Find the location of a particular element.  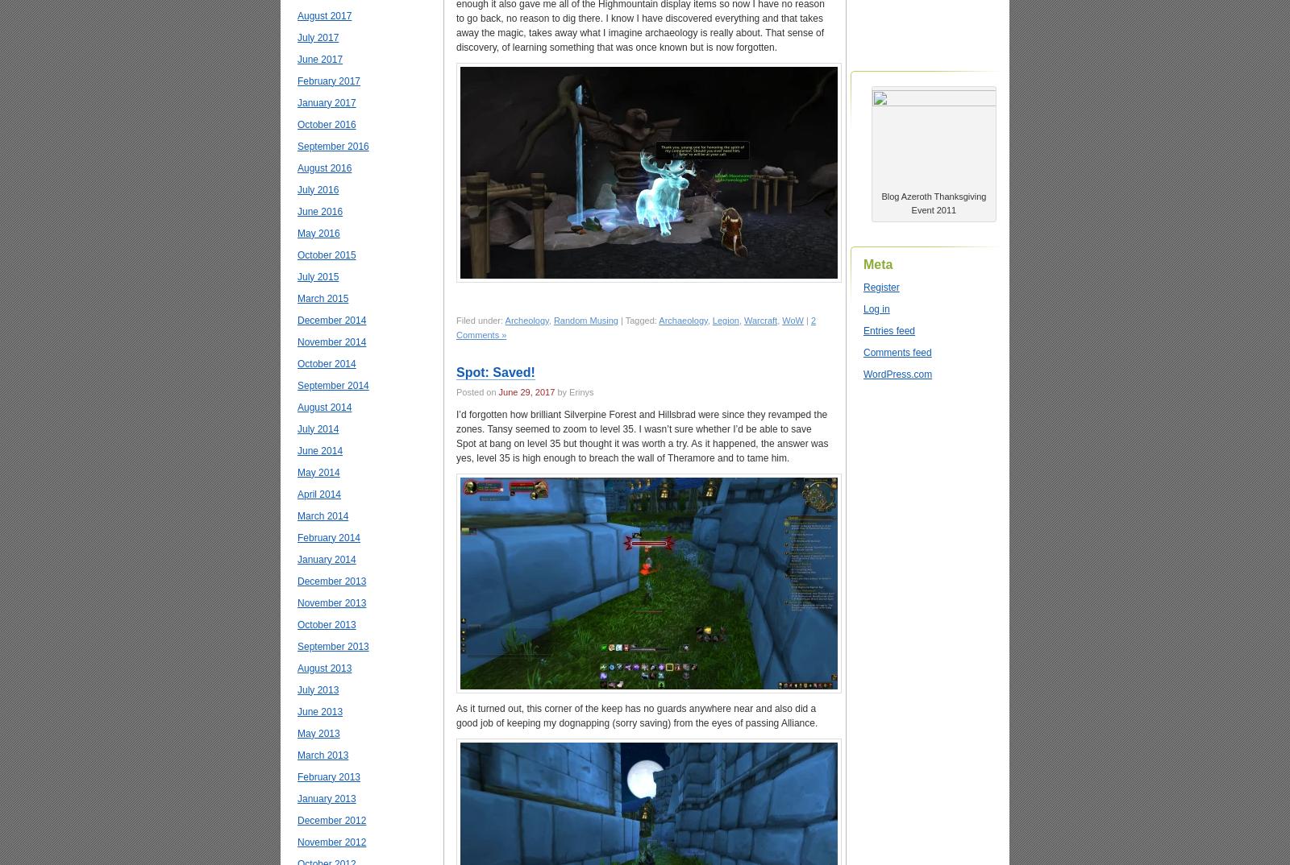

'September 2013' is located at coordinates (331, 644).